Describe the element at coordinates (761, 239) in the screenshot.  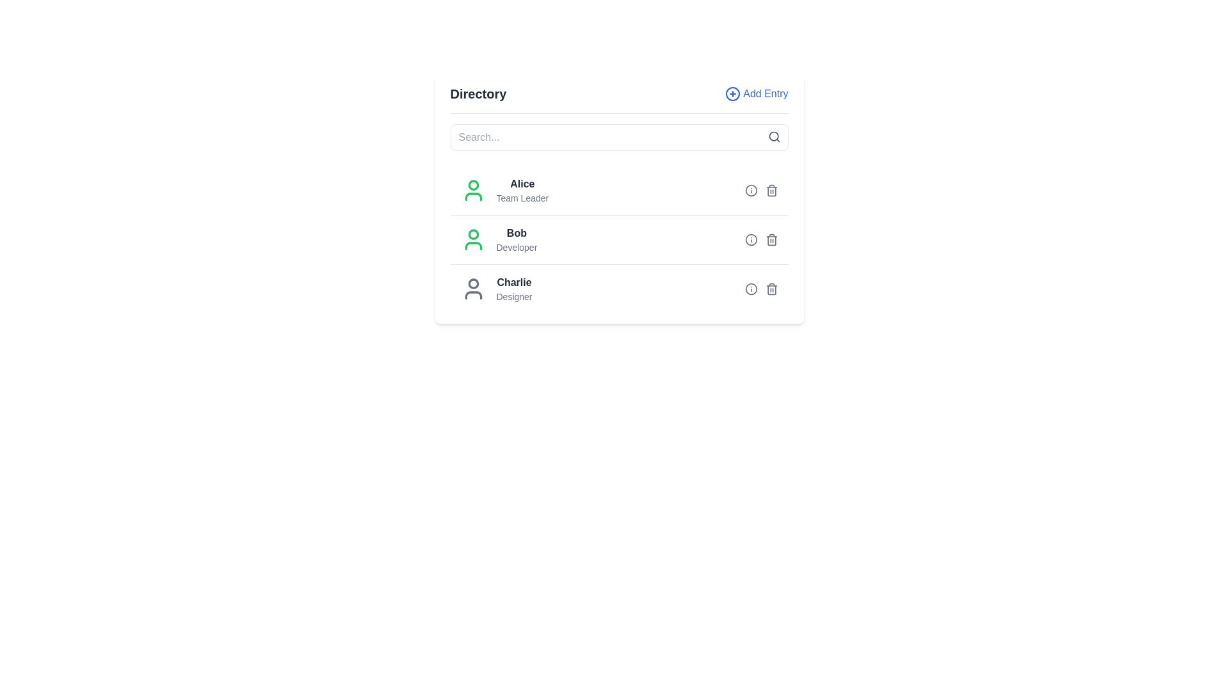
I see `the interactive icons in the group located to the far right of the row containing 'Bob', after the text 'Developer'` at that location.